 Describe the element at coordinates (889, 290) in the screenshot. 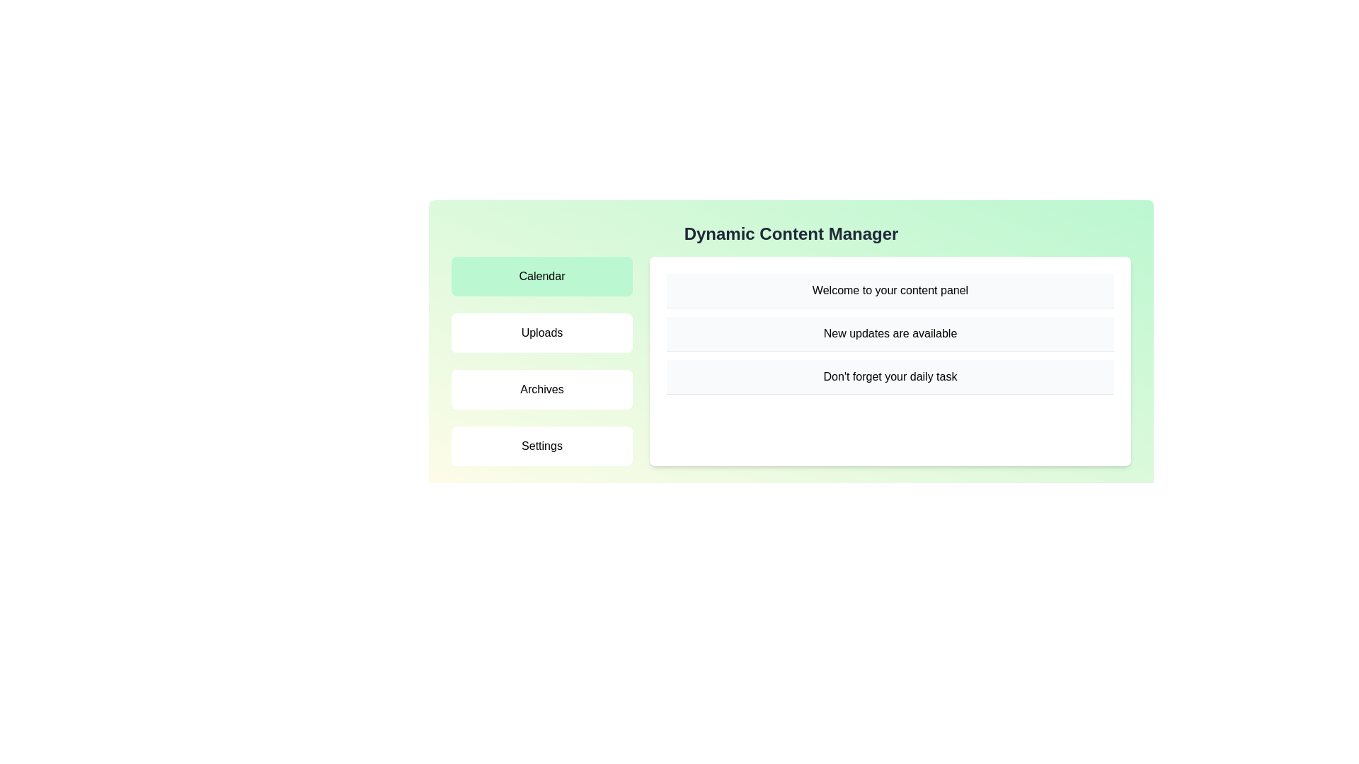

I see `the notification text for Welcome to your content panel` at that location.